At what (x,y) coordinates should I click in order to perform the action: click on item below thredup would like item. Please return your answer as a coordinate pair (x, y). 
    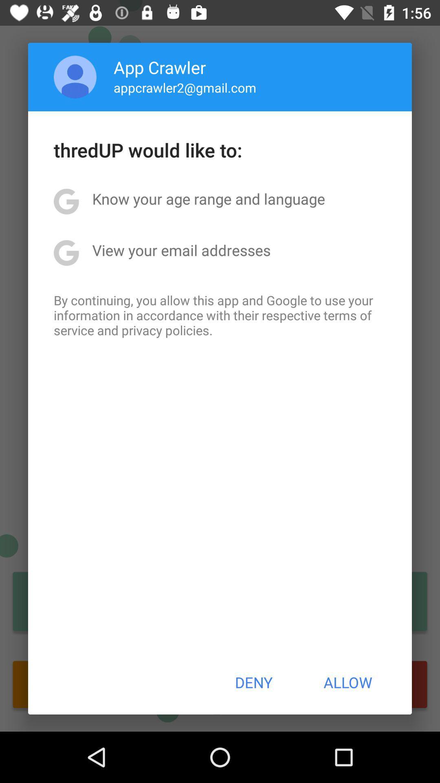
    Looking at the image, I should click on (208, 199).